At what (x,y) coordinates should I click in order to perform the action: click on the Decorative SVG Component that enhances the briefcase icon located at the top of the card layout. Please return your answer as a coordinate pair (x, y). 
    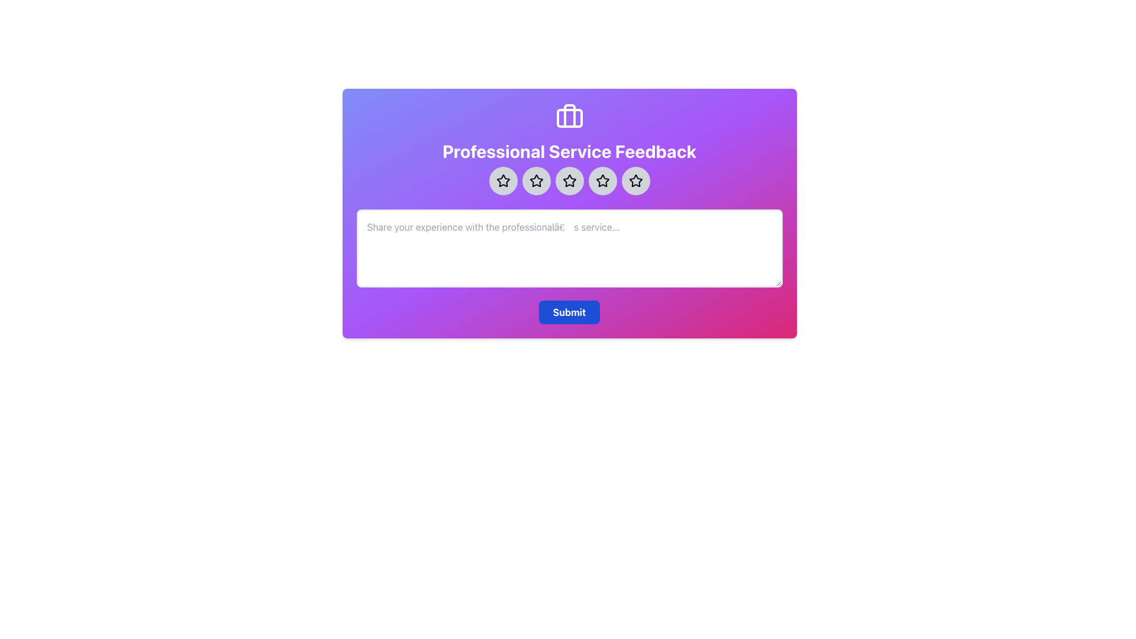
    Looking at the image, I should click on (569, 118).